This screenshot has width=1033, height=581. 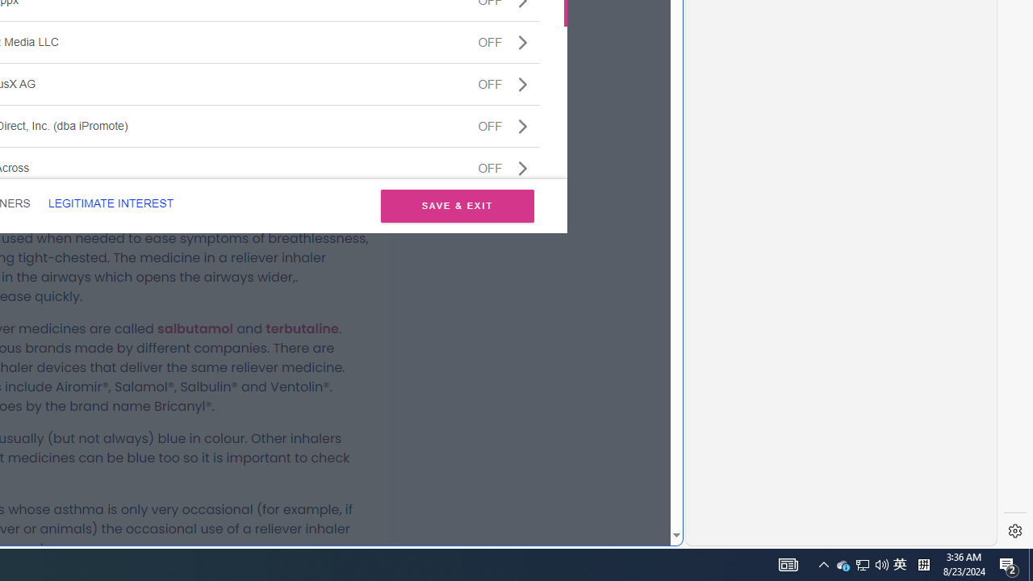 What do you see at coordinates (194, 328) in the screenshot?
I see `'salbutamol'` at bounding box center [194, 328].